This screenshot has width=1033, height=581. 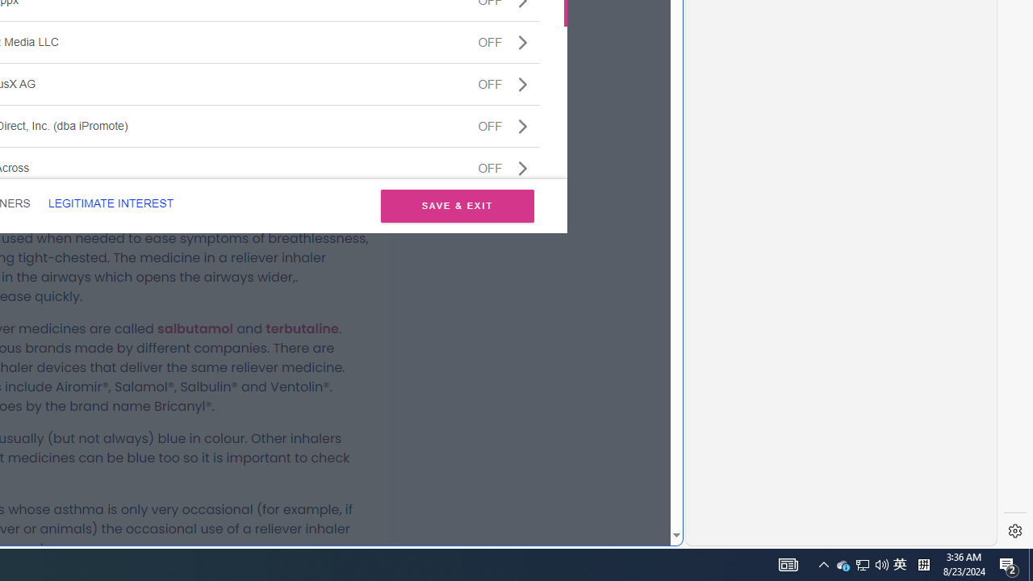 What do you see at coordinates (194, 328) in the screenshot?
I see `'salbutamol'` at bounding box center [194, 328].